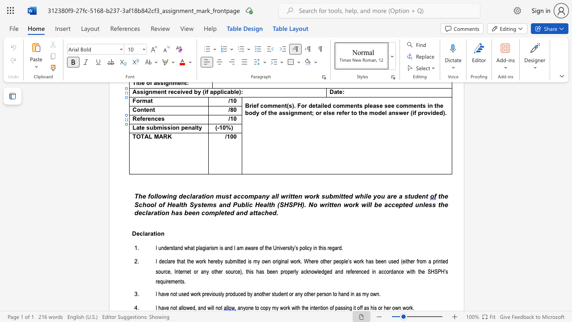 The height and width of the screenshot is (322, 572). What do you see at coordinates (156, 196) in the screenshot?
I see `the 2th character "l" in the text` at bounding box center [156, 196].